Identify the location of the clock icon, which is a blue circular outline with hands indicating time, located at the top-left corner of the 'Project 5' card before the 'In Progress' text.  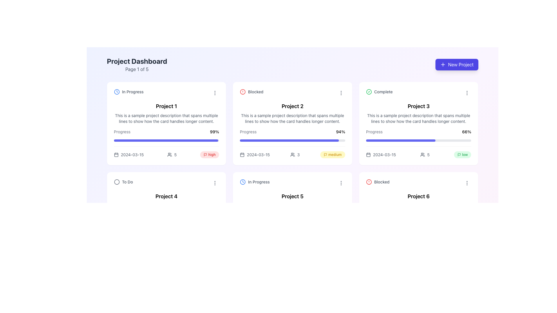
(243, 182).